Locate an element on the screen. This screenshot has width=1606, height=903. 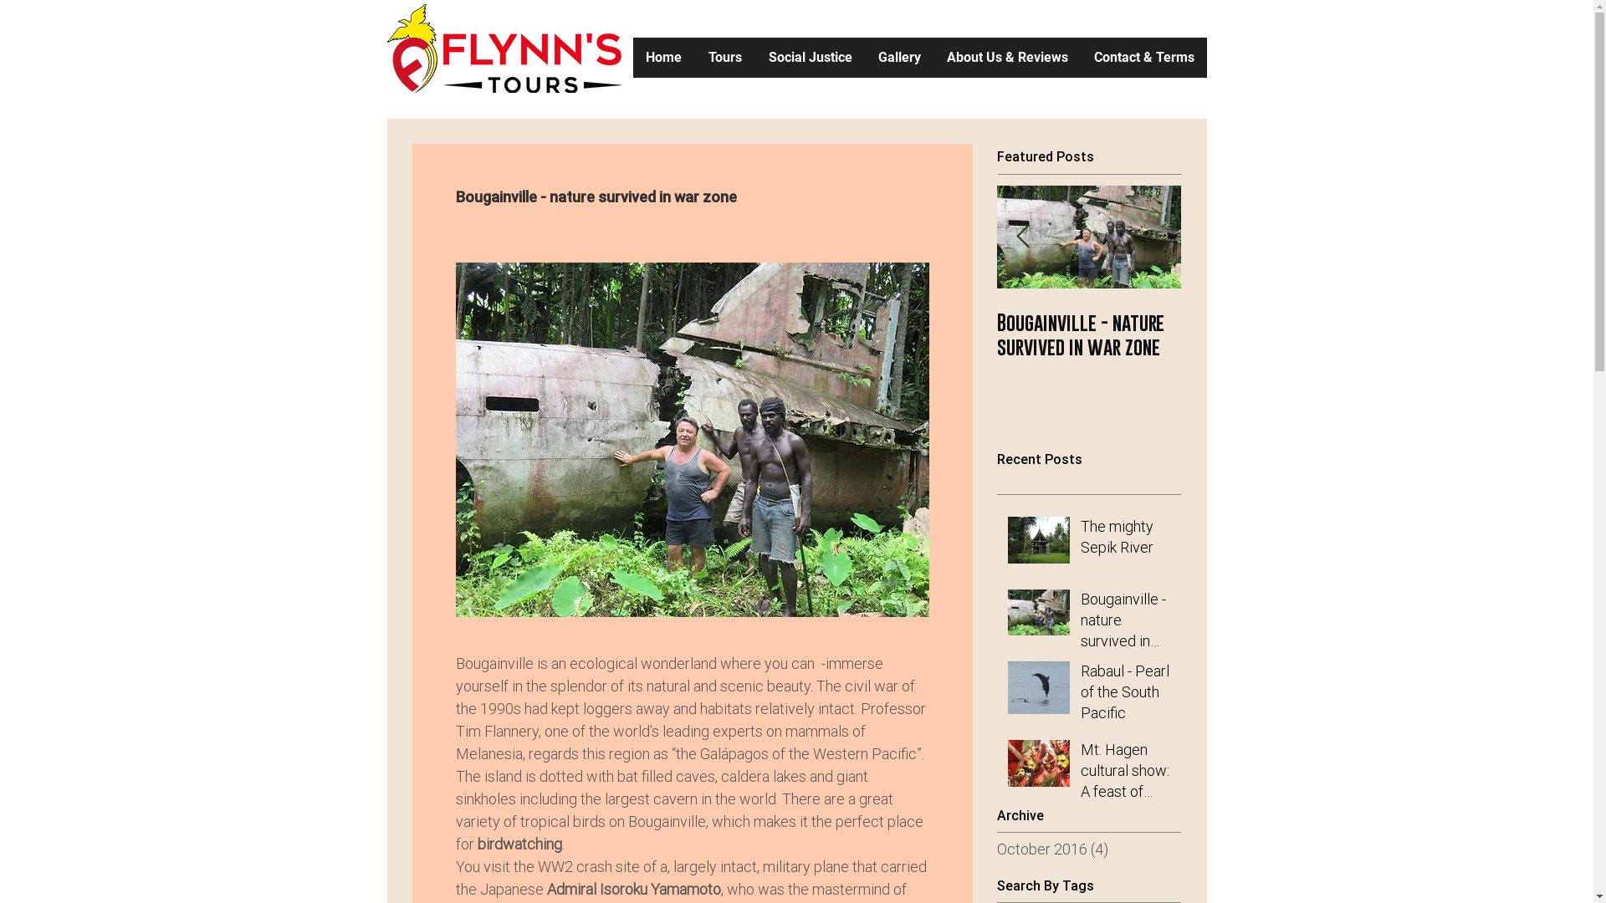
'Mt. Hagen cultural show: A feast of colour' is located at coordinates (1125, 773).